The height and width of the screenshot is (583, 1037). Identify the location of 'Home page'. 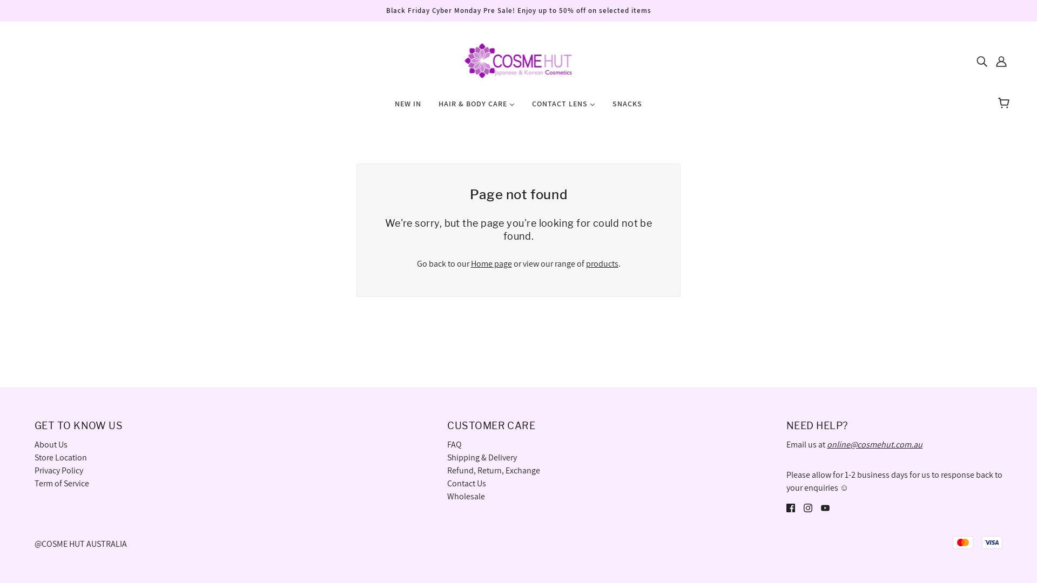
(491, 263).